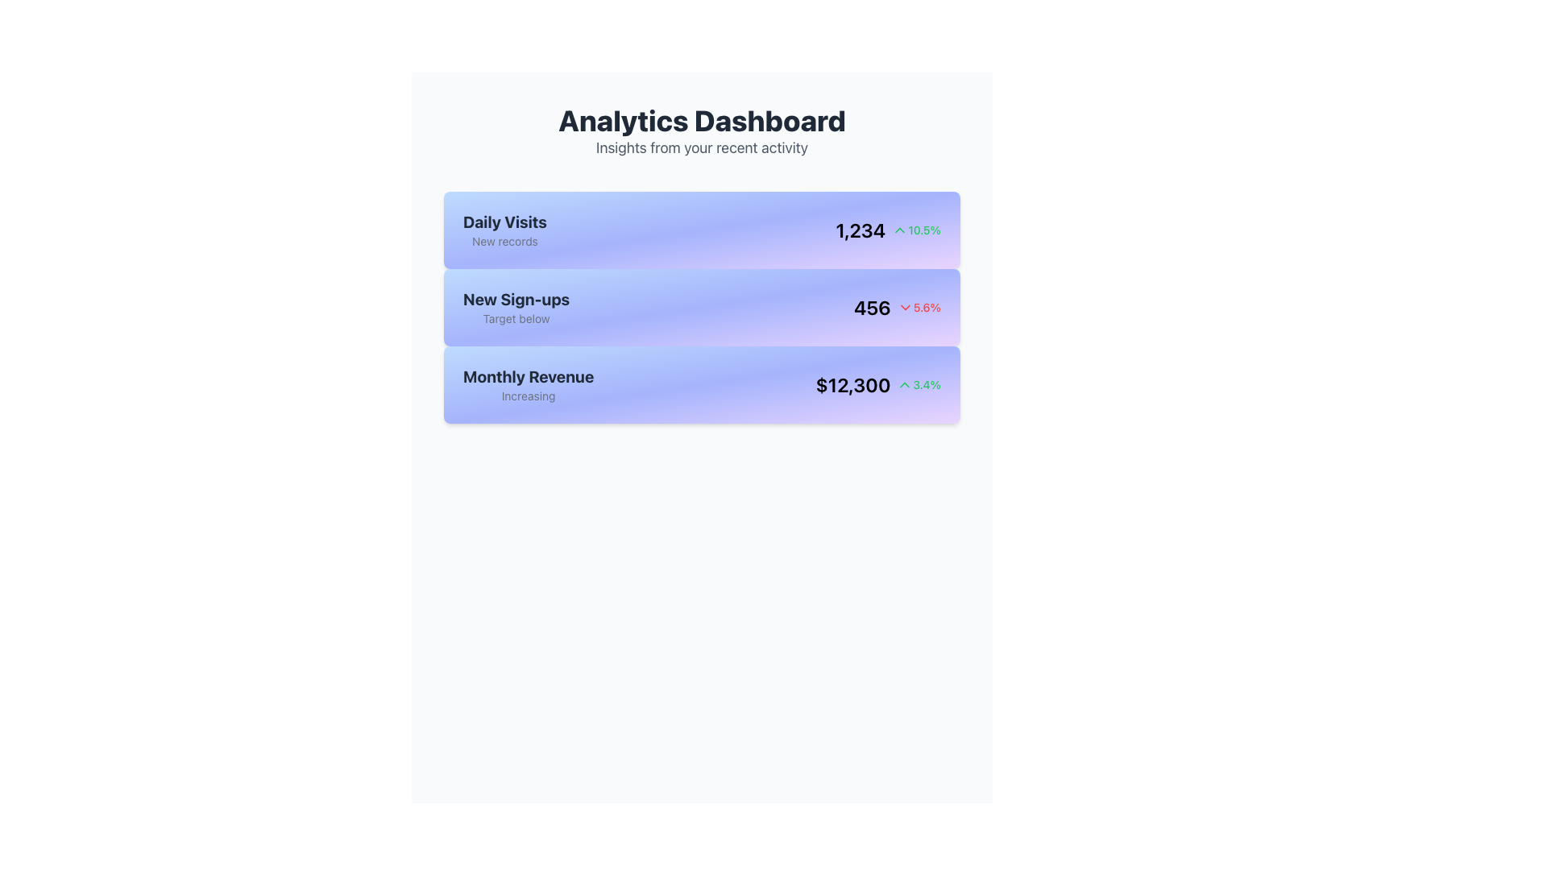 This screenshot has height=870, width=1547. Describe the element at coordinates (852, 385) in the screenshot. I see `the Text Display element representing total monthly revenue, positioned in the 'Monthly Revenue' section, aligned to the right before the text '3.4%' and the upward chevron icon` at that location.